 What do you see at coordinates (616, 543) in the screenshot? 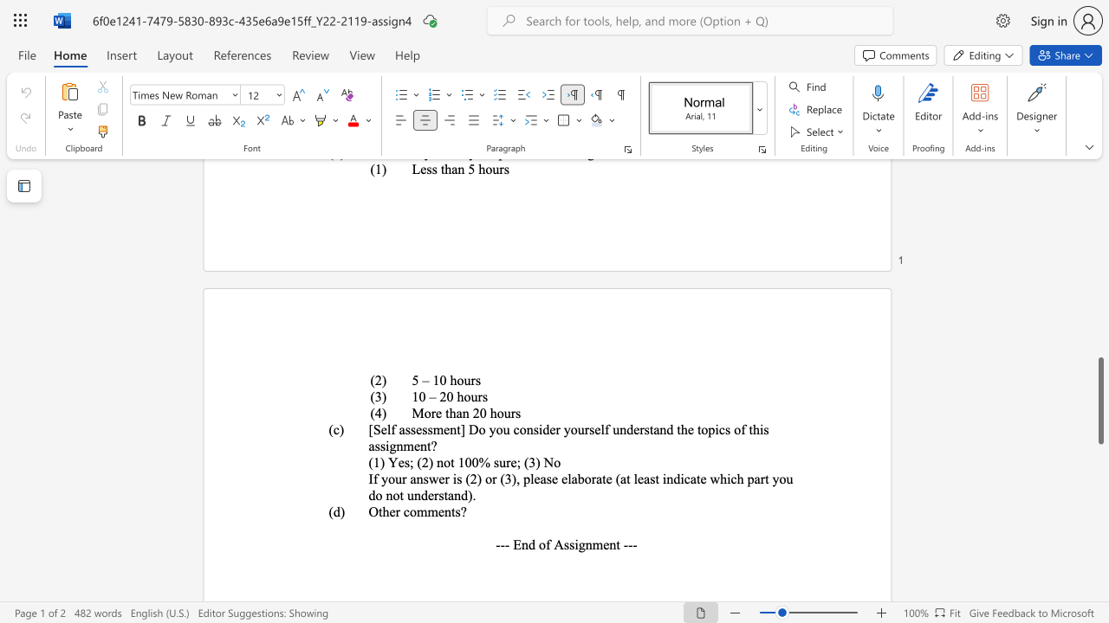
I see `the subset text "t -" within the text "--- End of Assignment ---"` at bounding box center [616, 543].